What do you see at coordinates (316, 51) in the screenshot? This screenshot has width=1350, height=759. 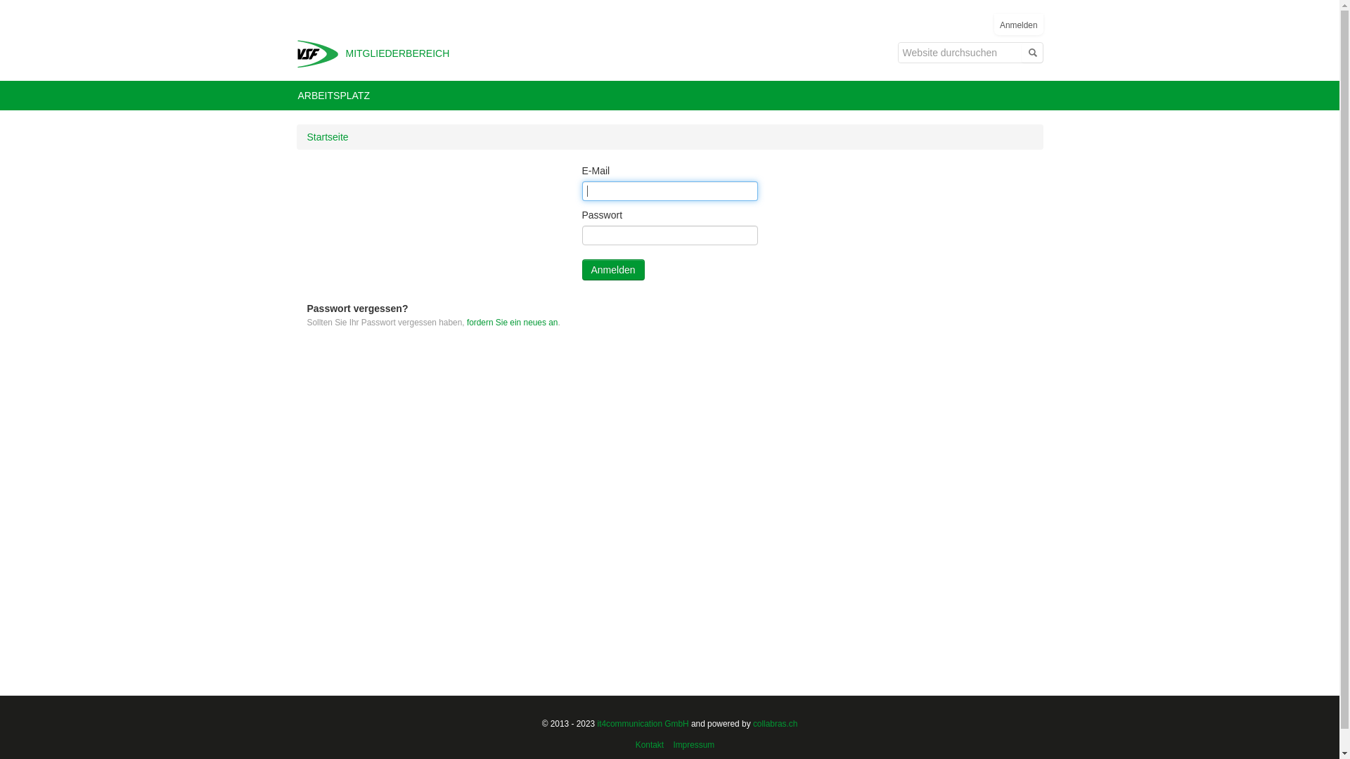 I see `'VSF Extranet'` at bounding box center [316, 51].